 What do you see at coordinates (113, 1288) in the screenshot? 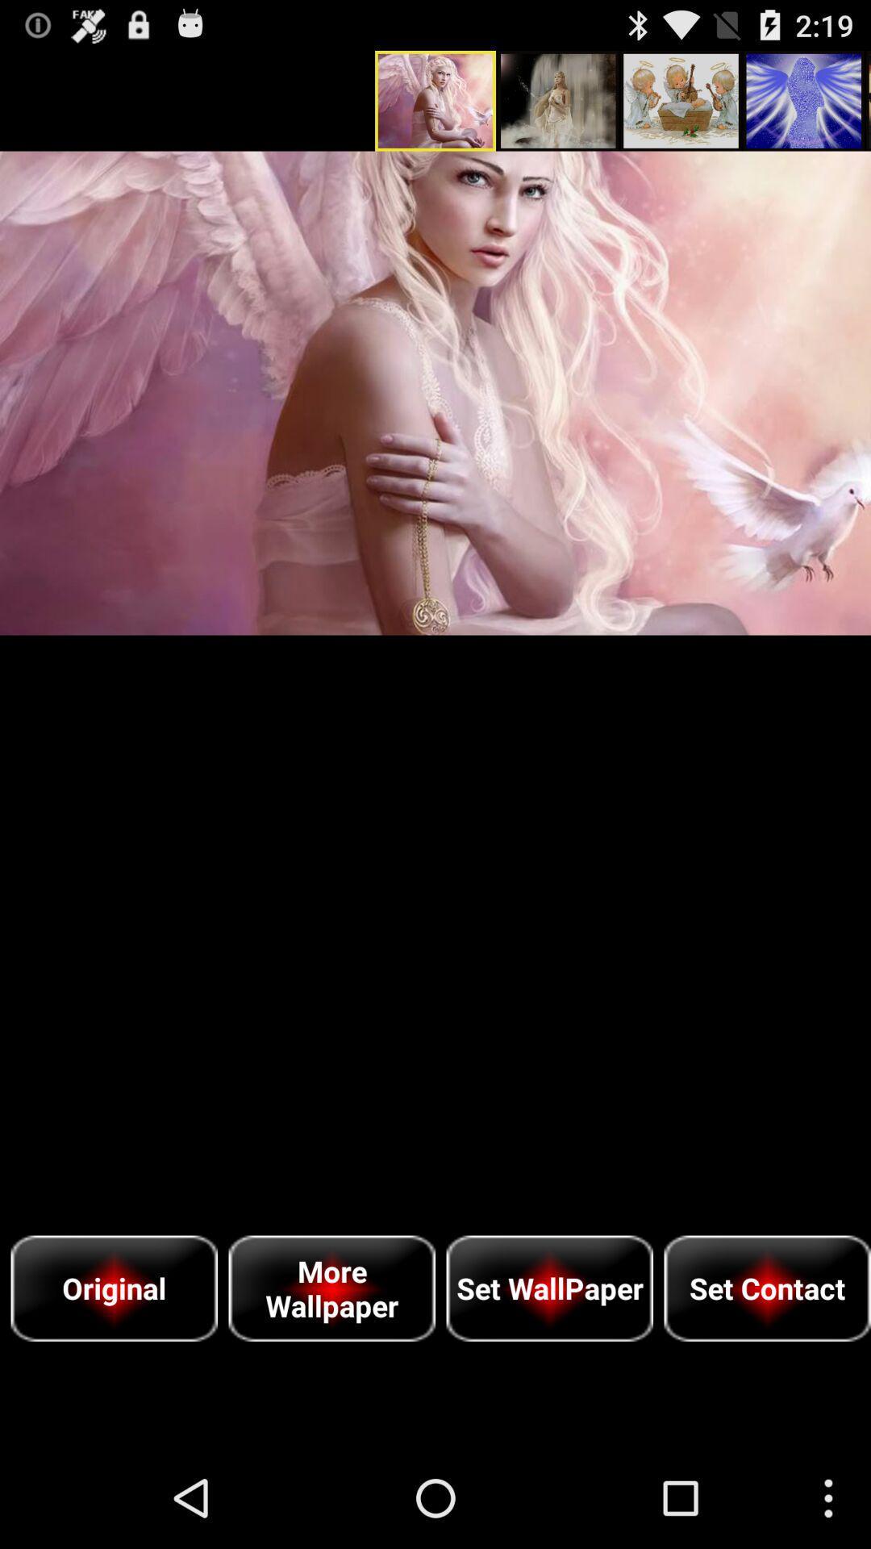
I see `the item to the left of the more wallpaper icon` at bounding box center [113, 1288].